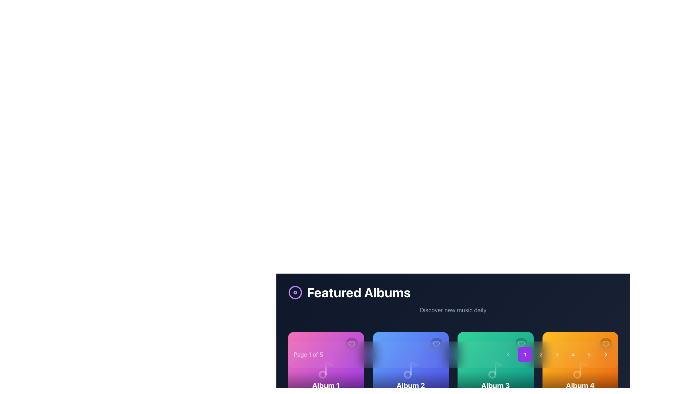 This screenshot has height=394, width=700. What do you see at coordinates (556, 354) in the screenshot?
I see `the third button in the pagination control bar, which allows navigation to the third page of content` at bounding box center [556, 354].